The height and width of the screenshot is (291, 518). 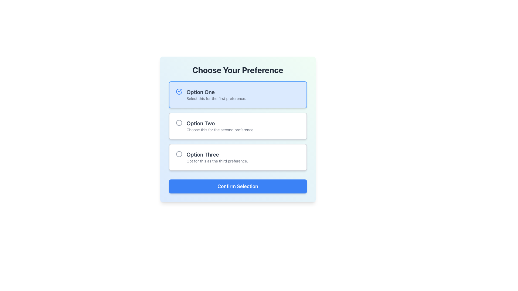 What do you see at coordinates (179, 154) in the screenshot?
I see `the unfilled circular radio button located to the left of the text 'Option Three Opt for this as the third preference.' in the card labeled 'Option Three'` at bounding box center [179, 154].